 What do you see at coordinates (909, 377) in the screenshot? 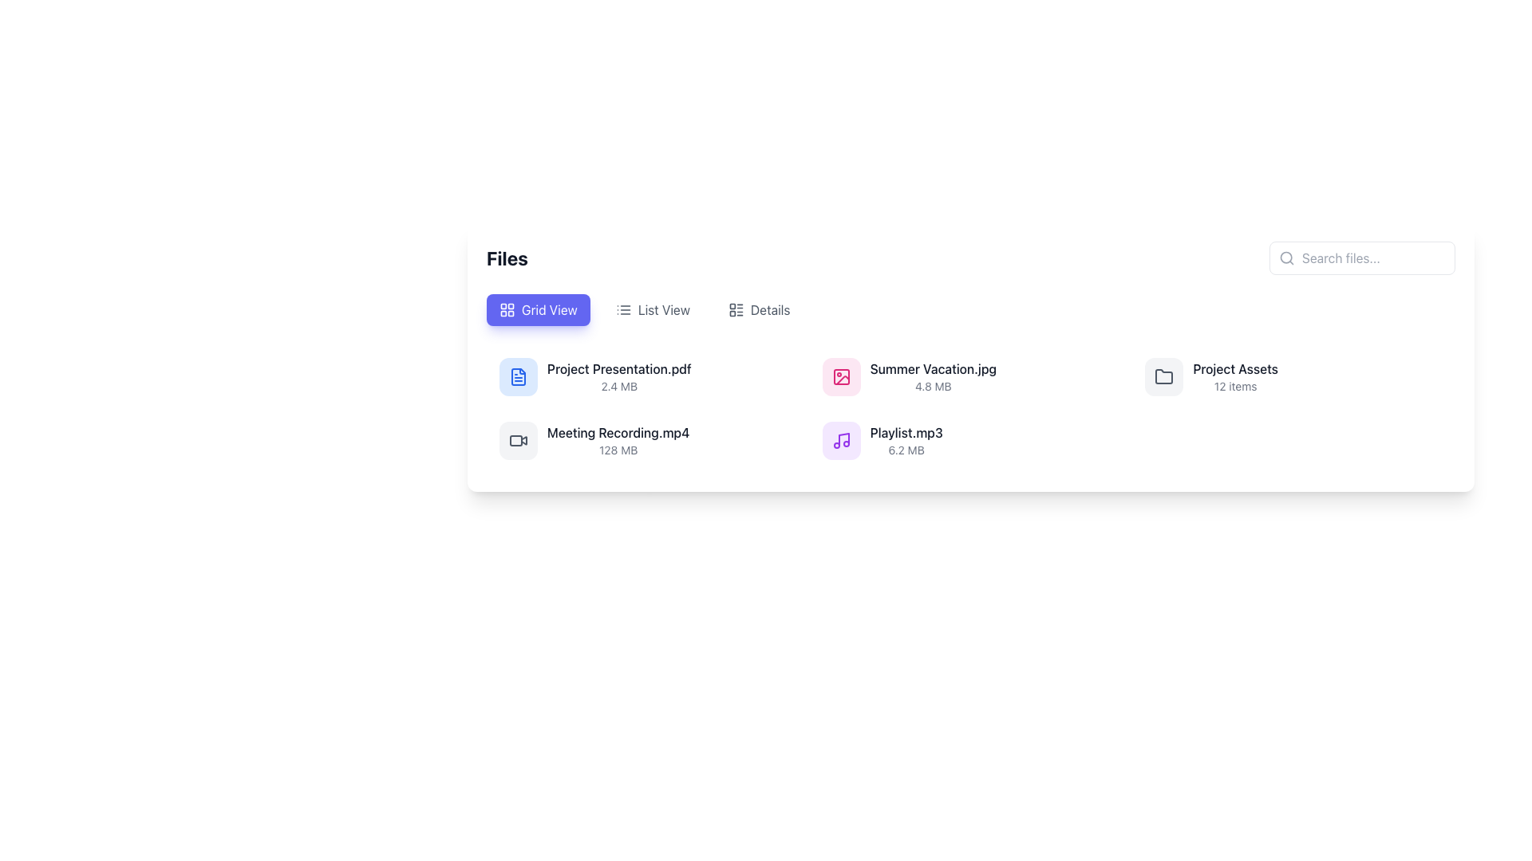
I see `the file entry for 'Summer Vacation.jpg'` at bounding box center [909, 377].